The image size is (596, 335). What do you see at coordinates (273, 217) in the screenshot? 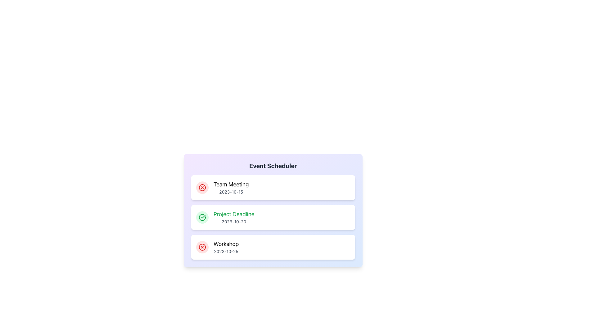
I see `the List Item labeled 'Project Deadline' in the Event Scheduler to get more information` at bounding box center [273, 217].